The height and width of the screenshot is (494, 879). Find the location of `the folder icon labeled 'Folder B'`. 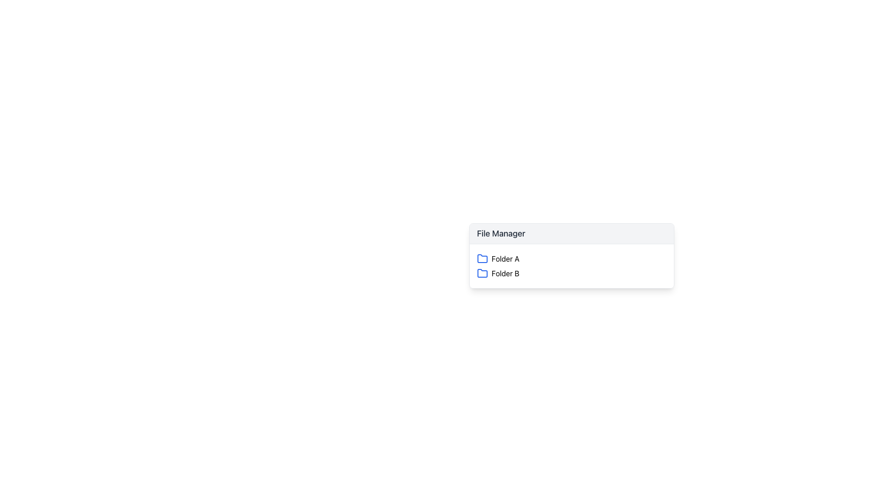

the folder icon labeled 'Folder B' is located at coordinates (482, 273).